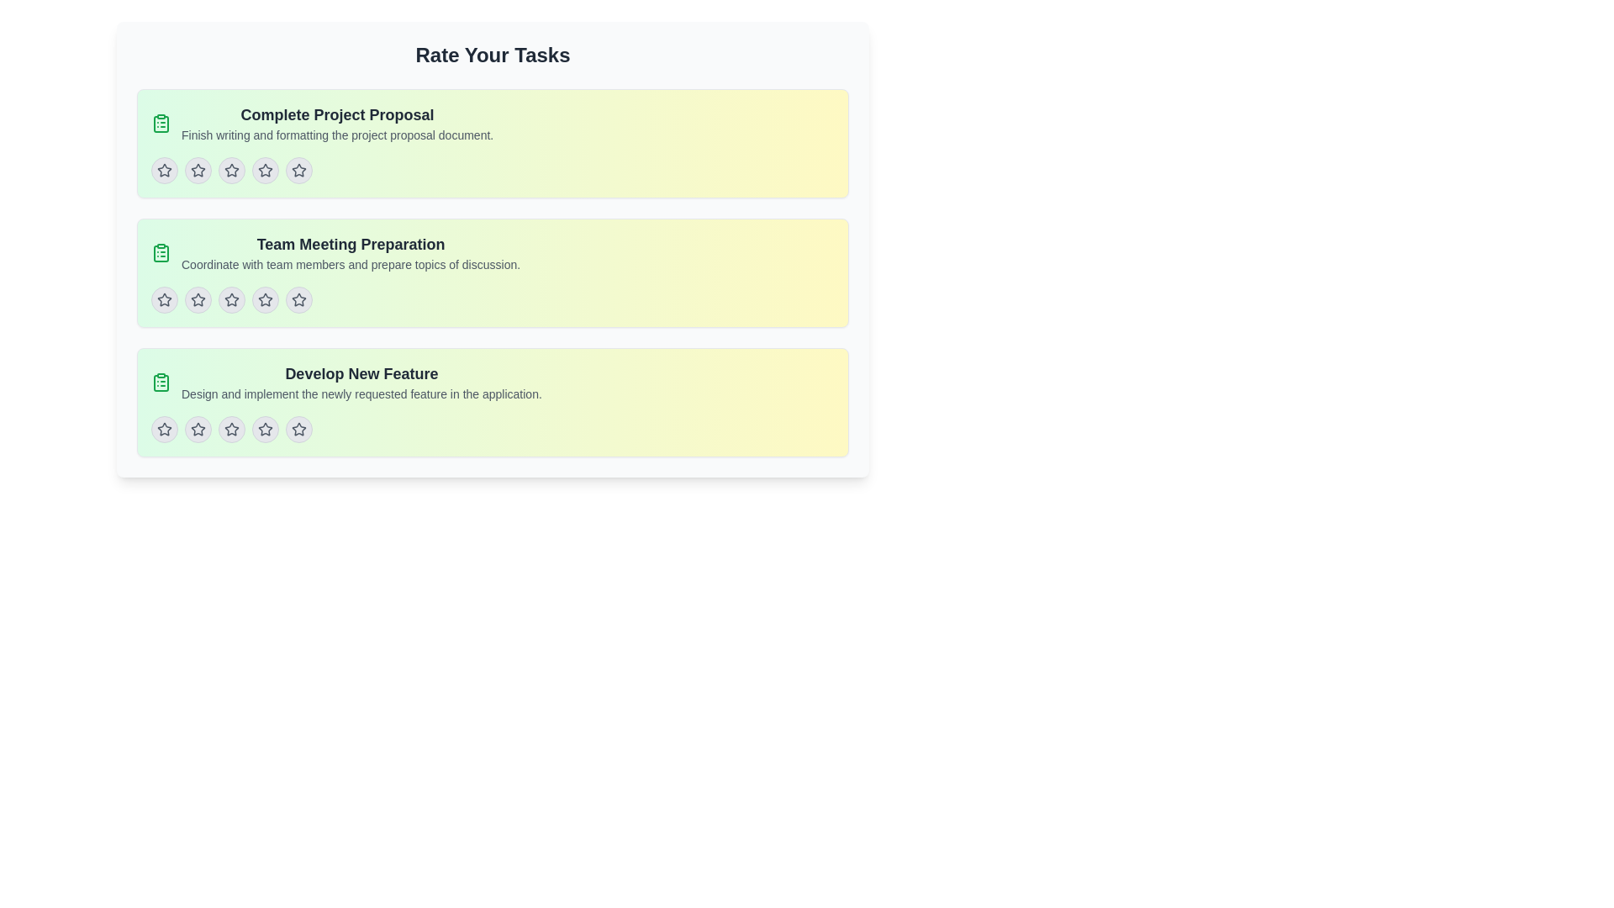  Describe the element at coordinates (165, 170) in the screenshot. I see `the first star icon` at that location.